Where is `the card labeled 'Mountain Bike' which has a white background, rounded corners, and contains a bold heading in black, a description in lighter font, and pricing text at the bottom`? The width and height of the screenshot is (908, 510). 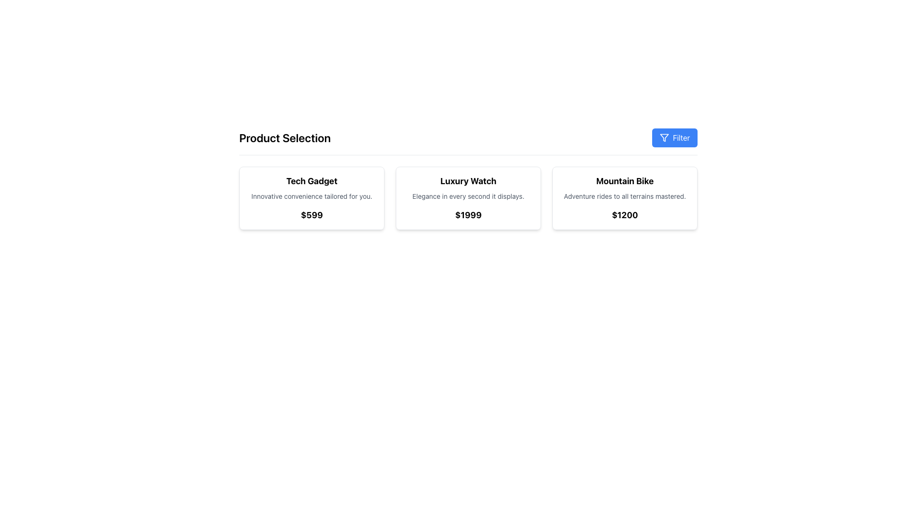 the card labeled 'Mountain Bike' which has a white background, rounded corners, and contains a bold heading in black, a description in lighter font, and pricing text at the bottom is located at coordinates (625, 198).